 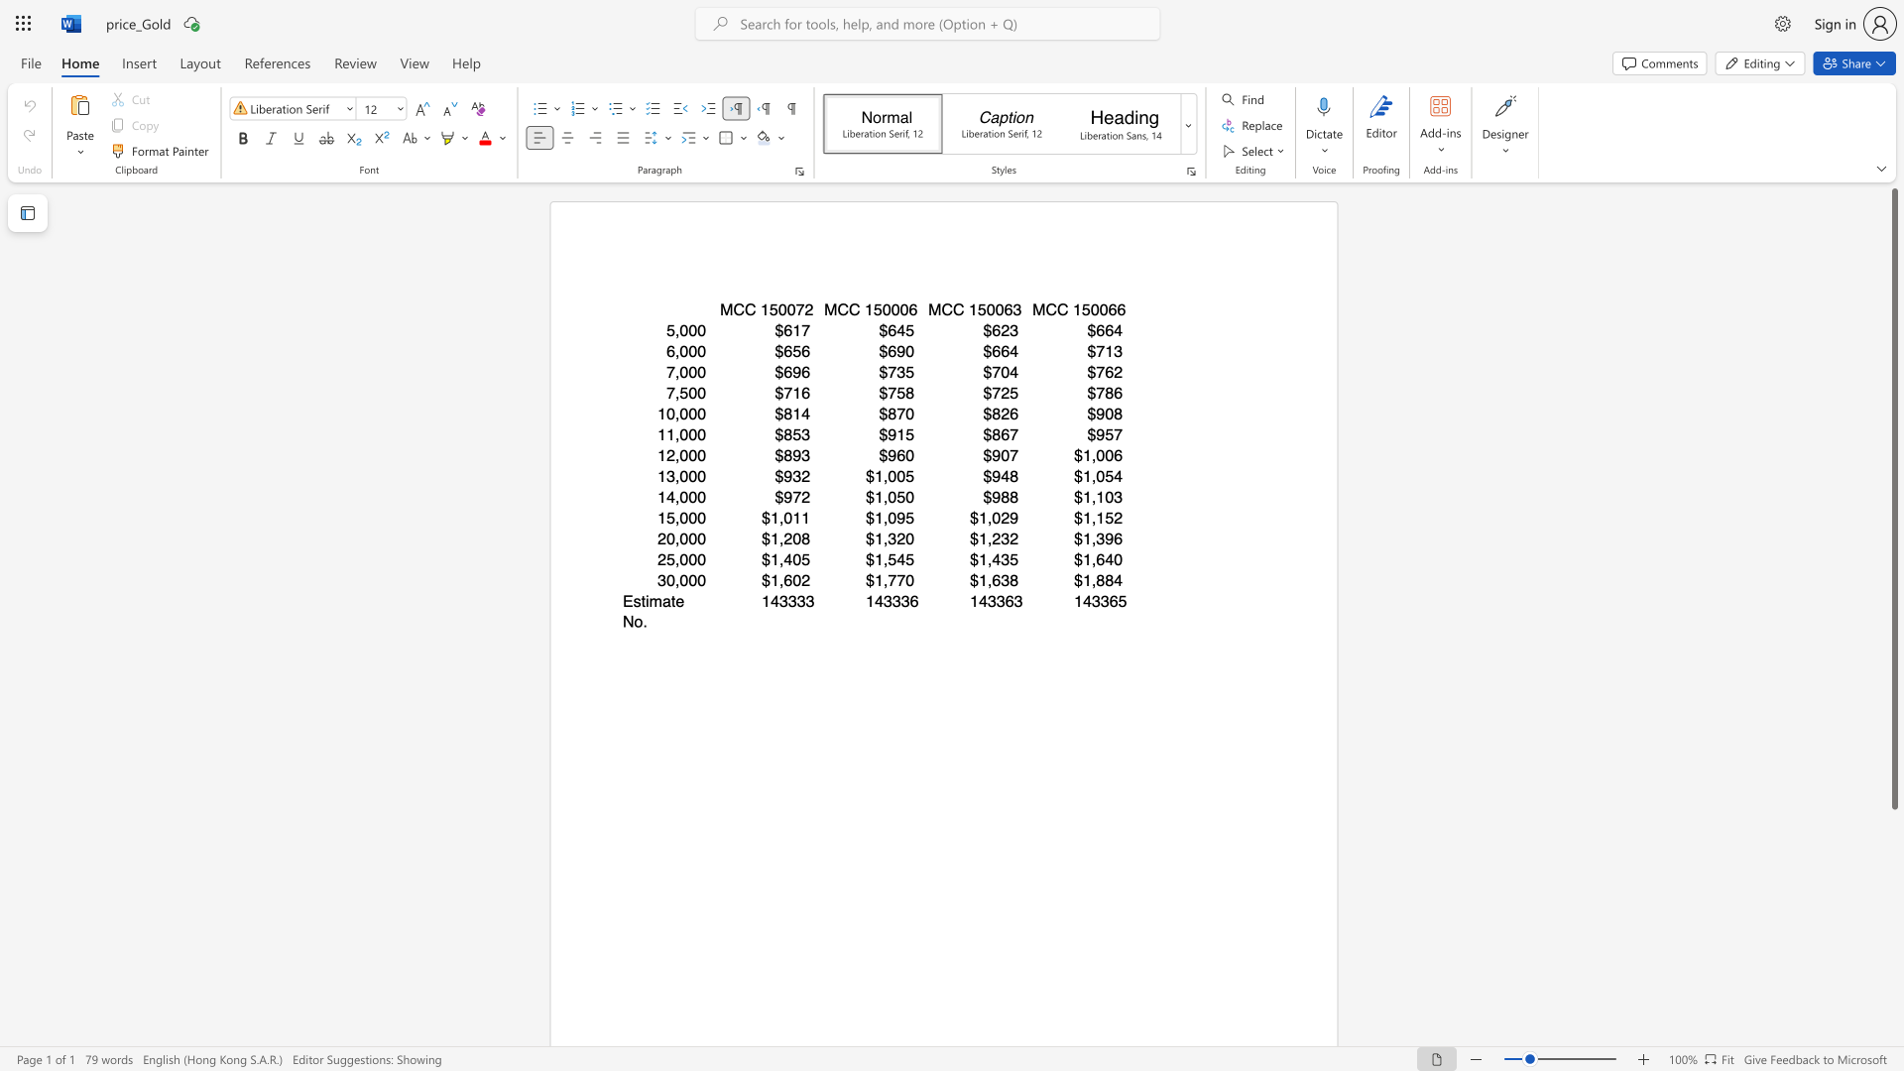 What do you see at coordinates (1893, 1020) in the screenshot?
I see `the scrollbar on the right to move the page downward` at bounding box center [1893, 1020].